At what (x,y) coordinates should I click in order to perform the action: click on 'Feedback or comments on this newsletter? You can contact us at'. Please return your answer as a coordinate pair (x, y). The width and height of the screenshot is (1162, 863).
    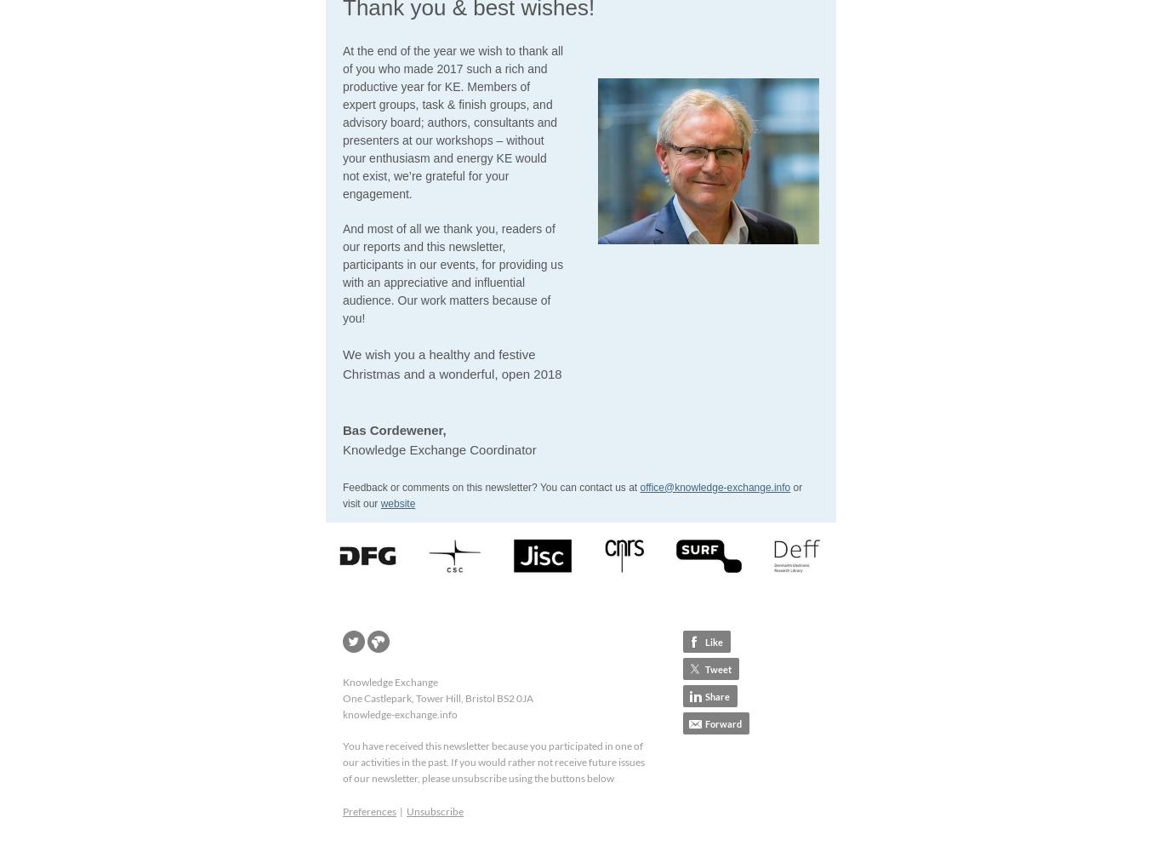
    Looking at the image, I should click on (341, 485).